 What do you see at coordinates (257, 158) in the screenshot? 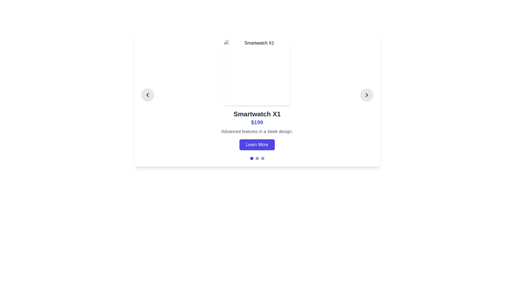
I see `the second pagination dot, which is a small gray circular indicator positioned between the first blue dot and the third gray dot` at bounding box center [257, 158].